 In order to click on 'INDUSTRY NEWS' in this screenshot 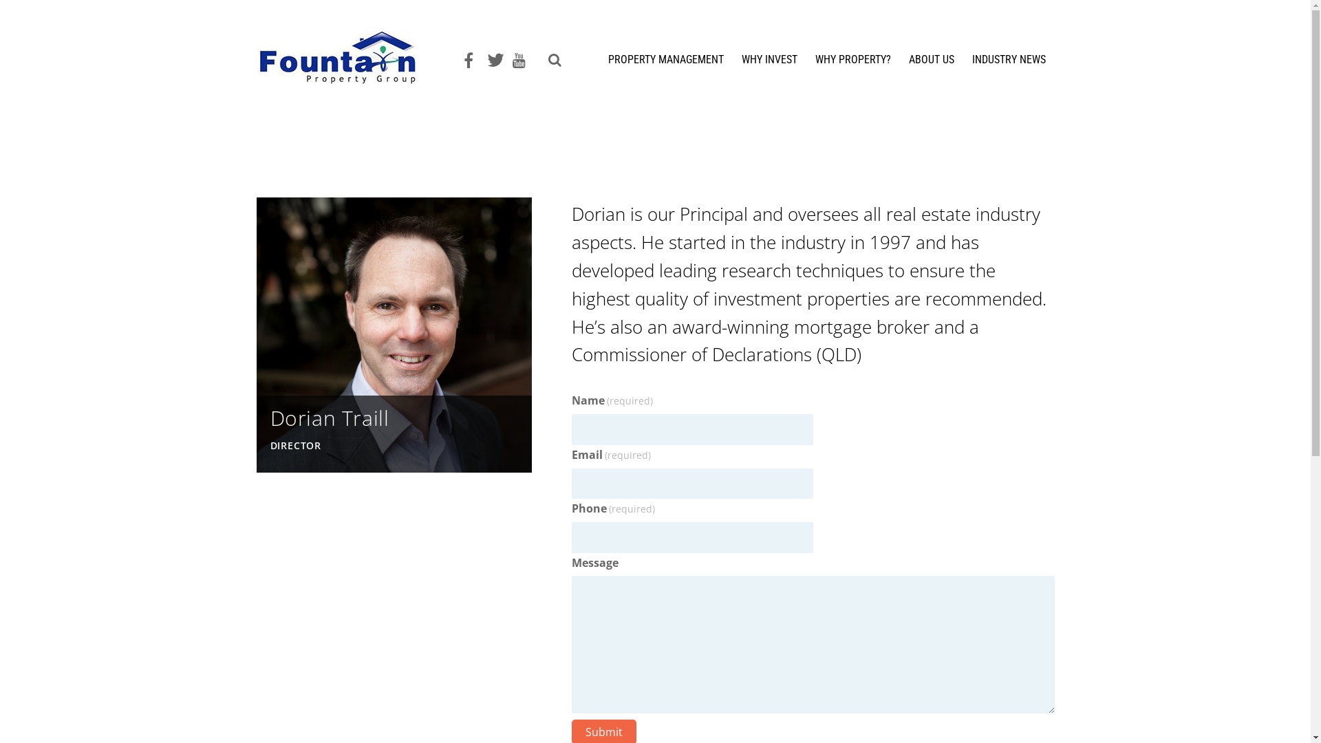, I will do `click(963, 65)`.